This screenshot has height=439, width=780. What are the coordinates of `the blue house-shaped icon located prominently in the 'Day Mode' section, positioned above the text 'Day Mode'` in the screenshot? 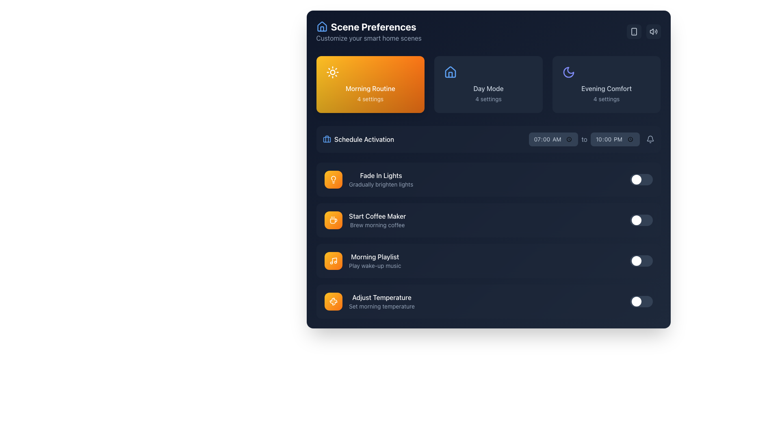 It's located at (450, 72).